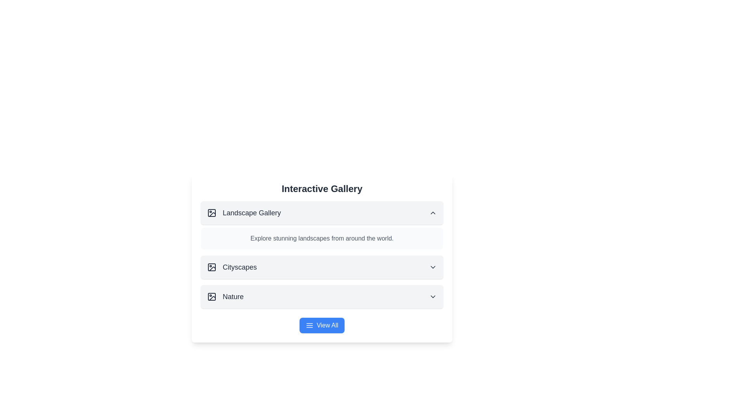  I want to click on the Chevron-up icon, which is a minimalistic SVG arrow pointing upwards, located at the far-right side of the 'Landscape Gallery' panel, so click(433, 213).